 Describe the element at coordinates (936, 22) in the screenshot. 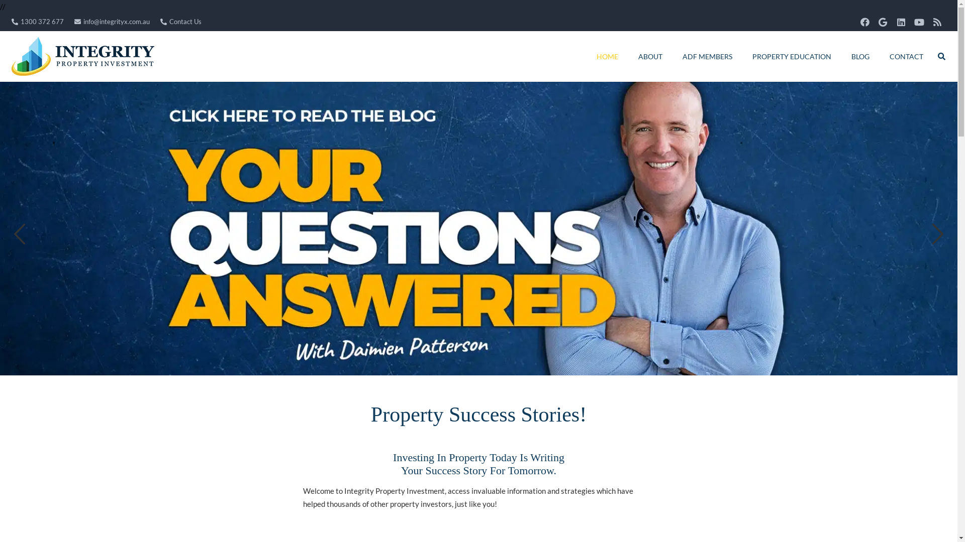

I see `'RSS'` at that location.